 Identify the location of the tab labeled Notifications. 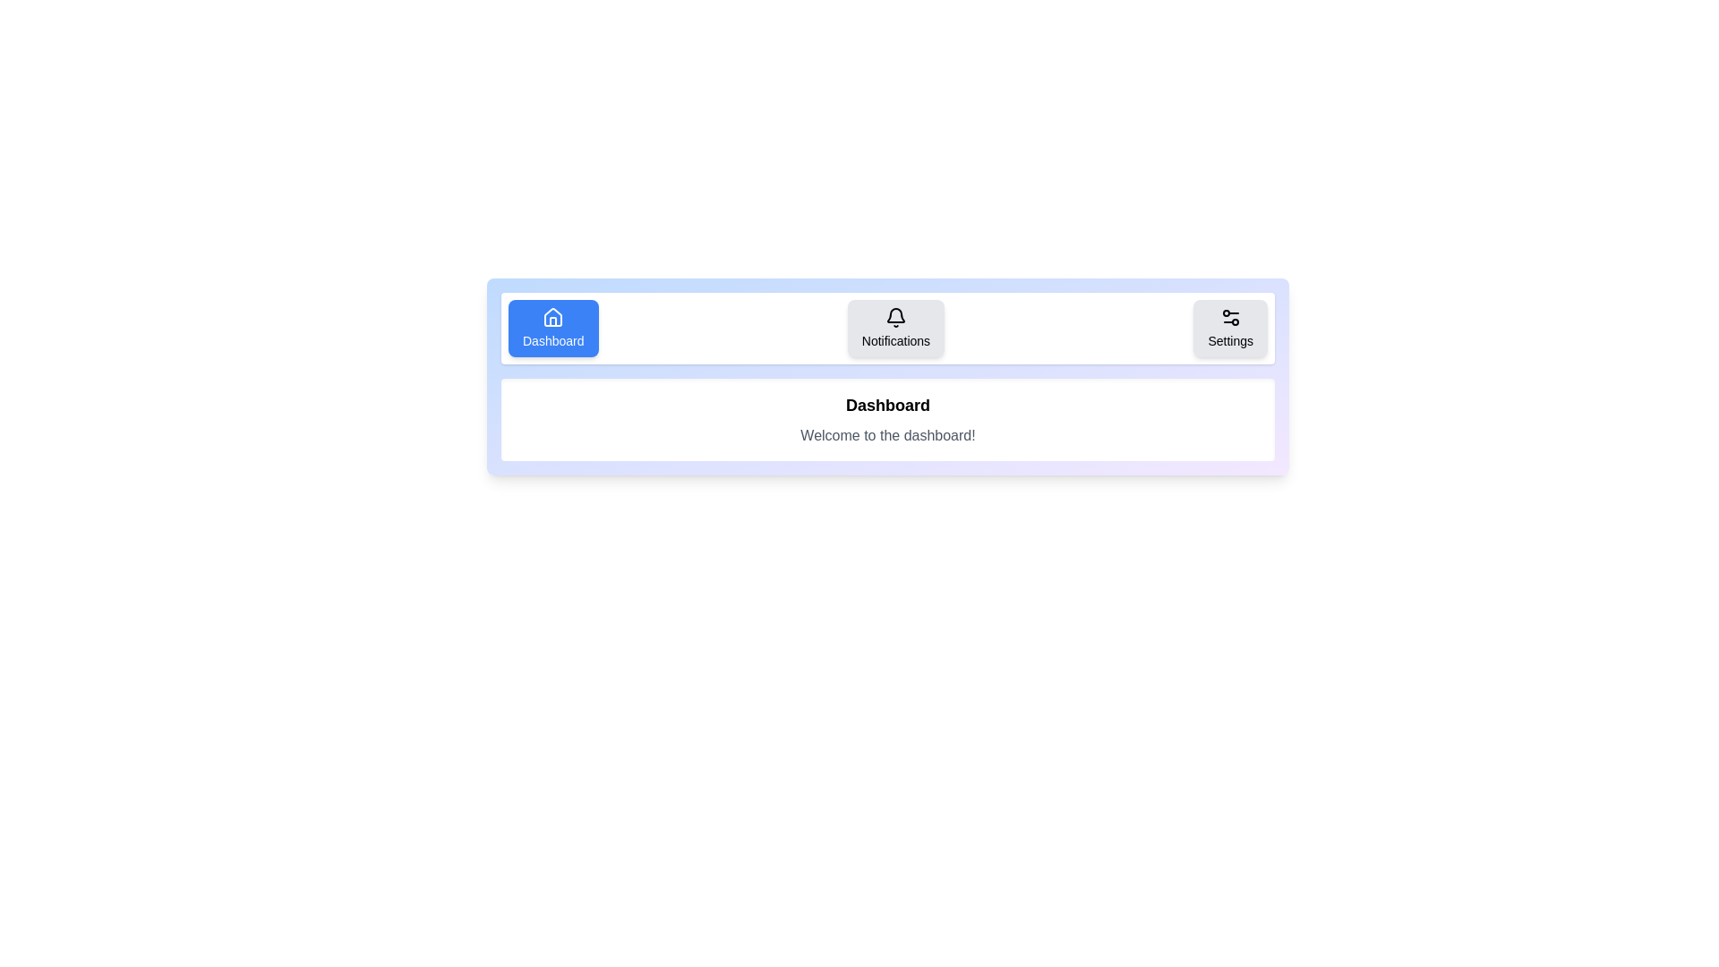
(895, 328).